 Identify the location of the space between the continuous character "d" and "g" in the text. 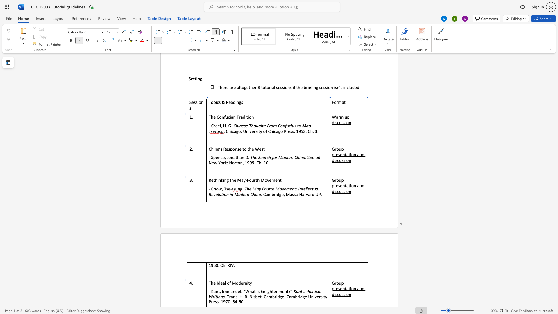
(279, 194).